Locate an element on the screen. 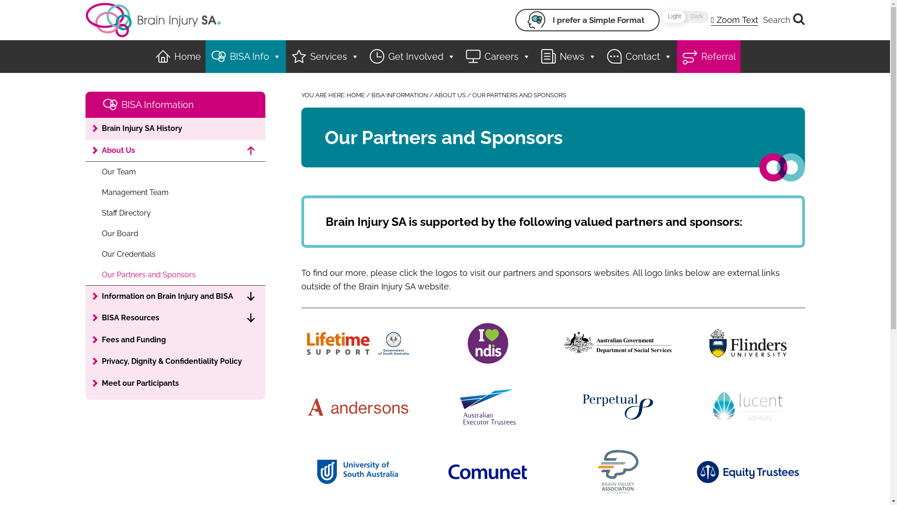 The height and width of the screenshot is (505, 897). 'Management Team' is located at coordinates (175, 192).